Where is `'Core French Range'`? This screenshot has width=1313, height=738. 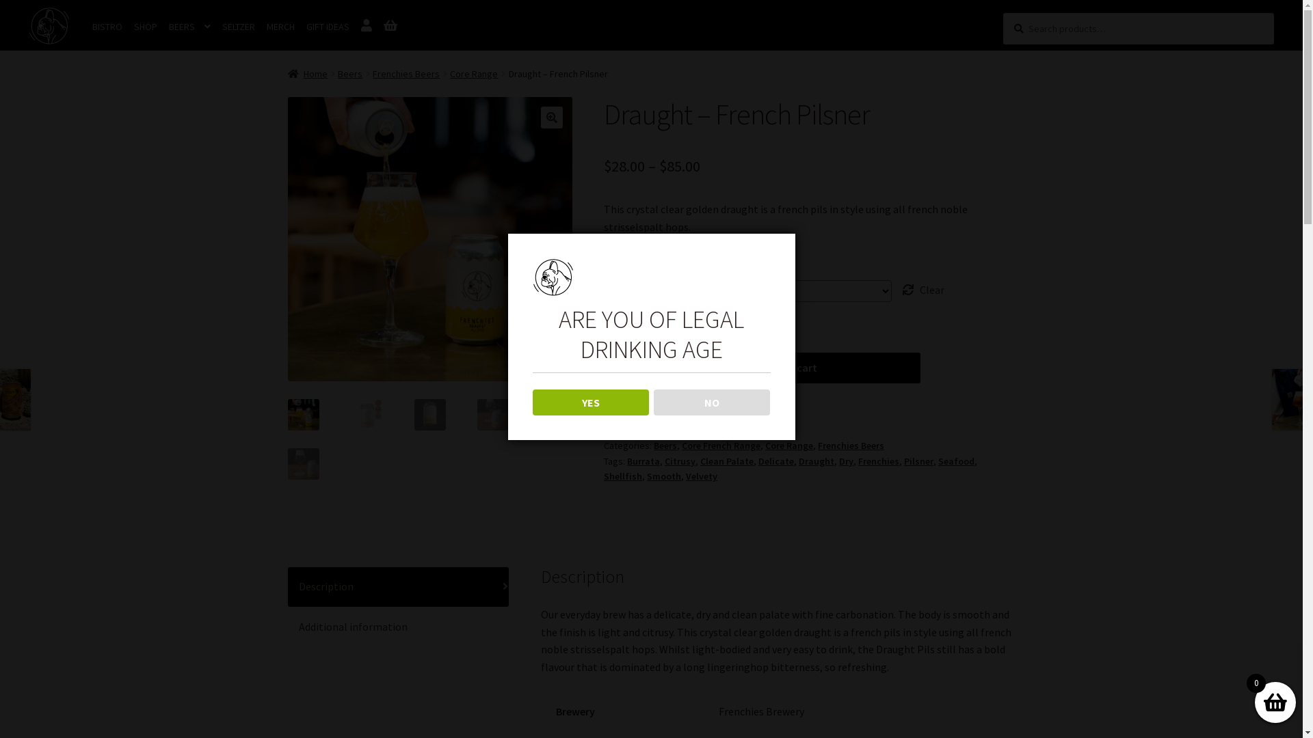
'Core French Range' is located at coordinates (720, 445).